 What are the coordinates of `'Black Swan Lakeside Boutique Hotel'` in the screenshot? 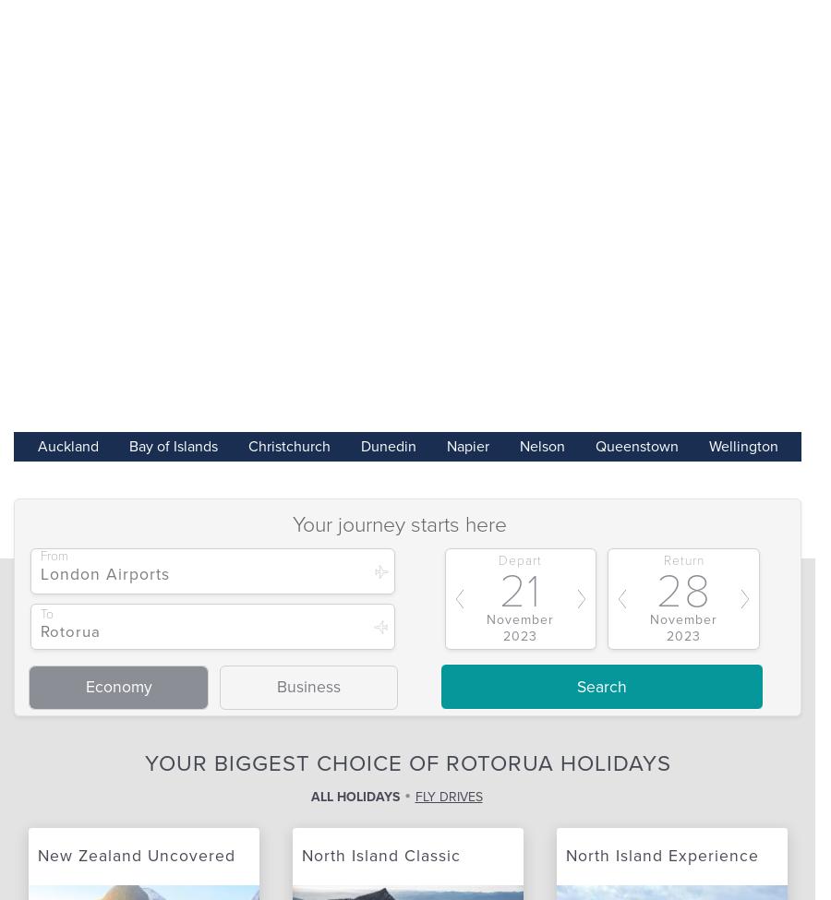 It's located at (175, 74).